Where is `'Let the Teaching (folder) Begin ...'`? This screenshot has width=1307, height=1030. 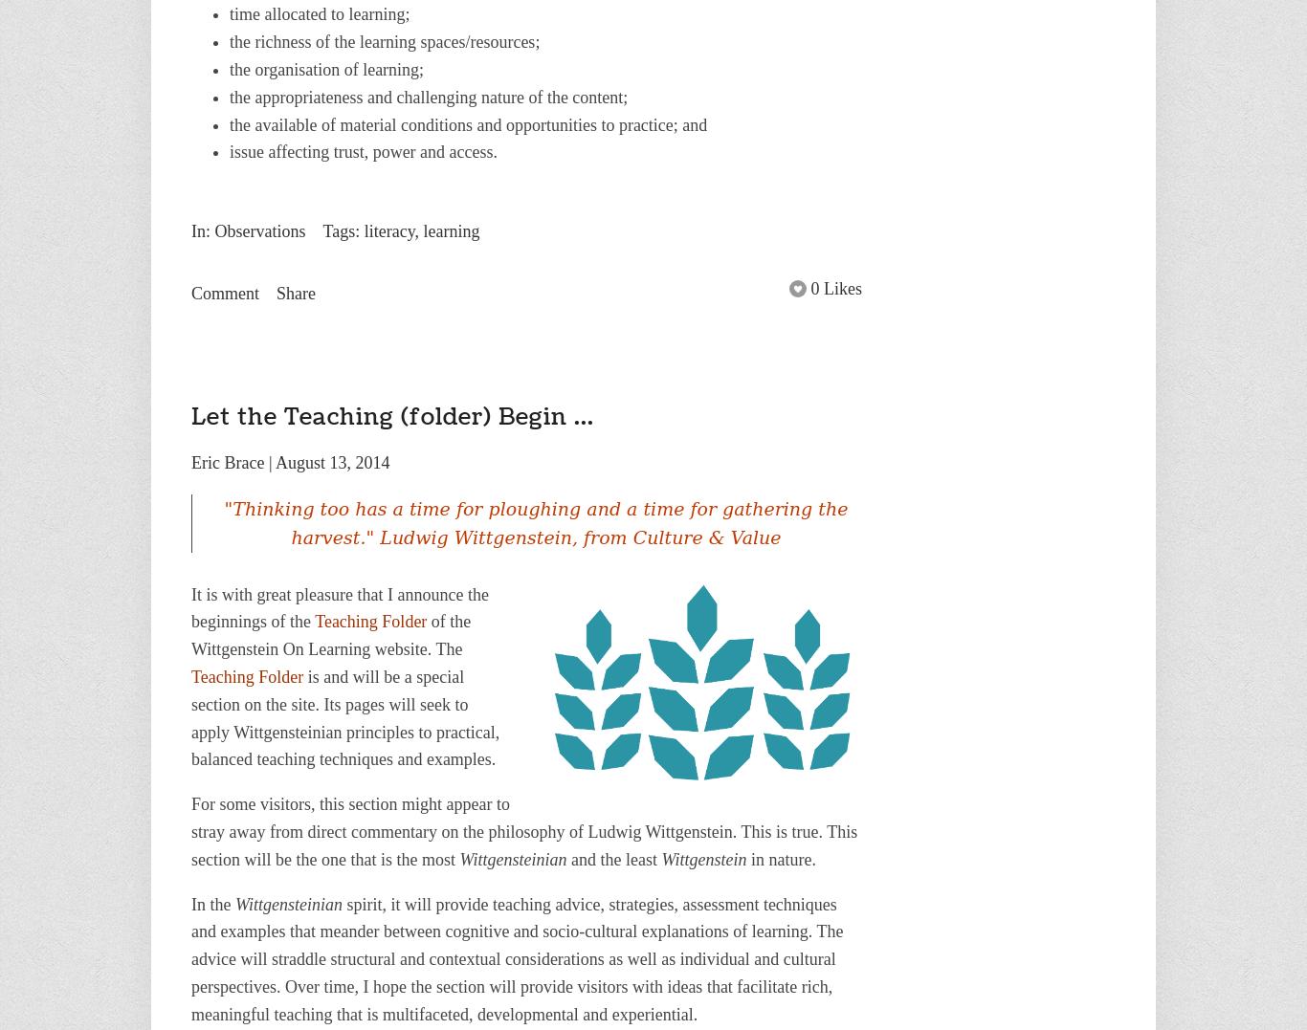
'Let the Teaching (folder) Begin ...' is located at coordinates (189, 415).